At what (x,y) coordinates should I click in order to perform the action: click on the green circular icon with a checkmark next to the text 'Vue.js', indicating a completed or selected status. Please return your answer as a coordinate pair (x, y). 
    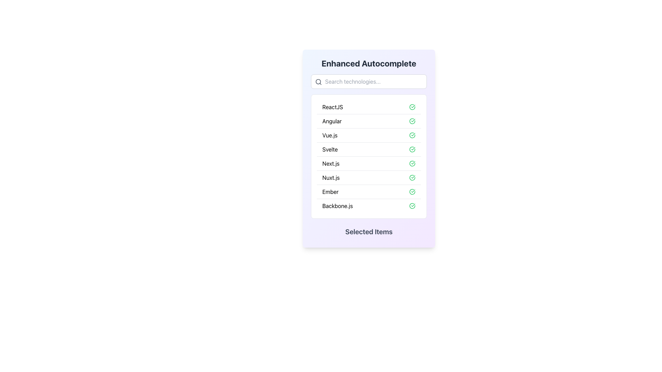
    Looking at the image, I should click on (412, 135).